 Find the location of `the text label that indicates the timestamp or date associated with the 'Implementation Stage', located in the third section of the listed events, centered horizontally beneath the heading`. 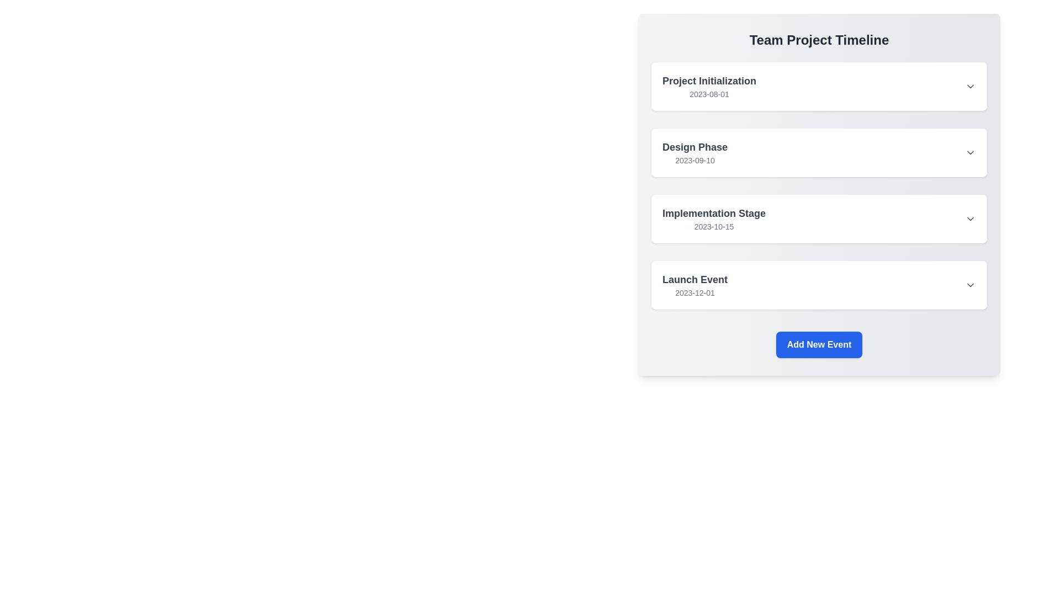

the text label that indicates the timestamp or date associated with the 'Implementation Stage', located in the third section of the listed events, centered horizontally beneath the heading is located at coordinates (714, 226).